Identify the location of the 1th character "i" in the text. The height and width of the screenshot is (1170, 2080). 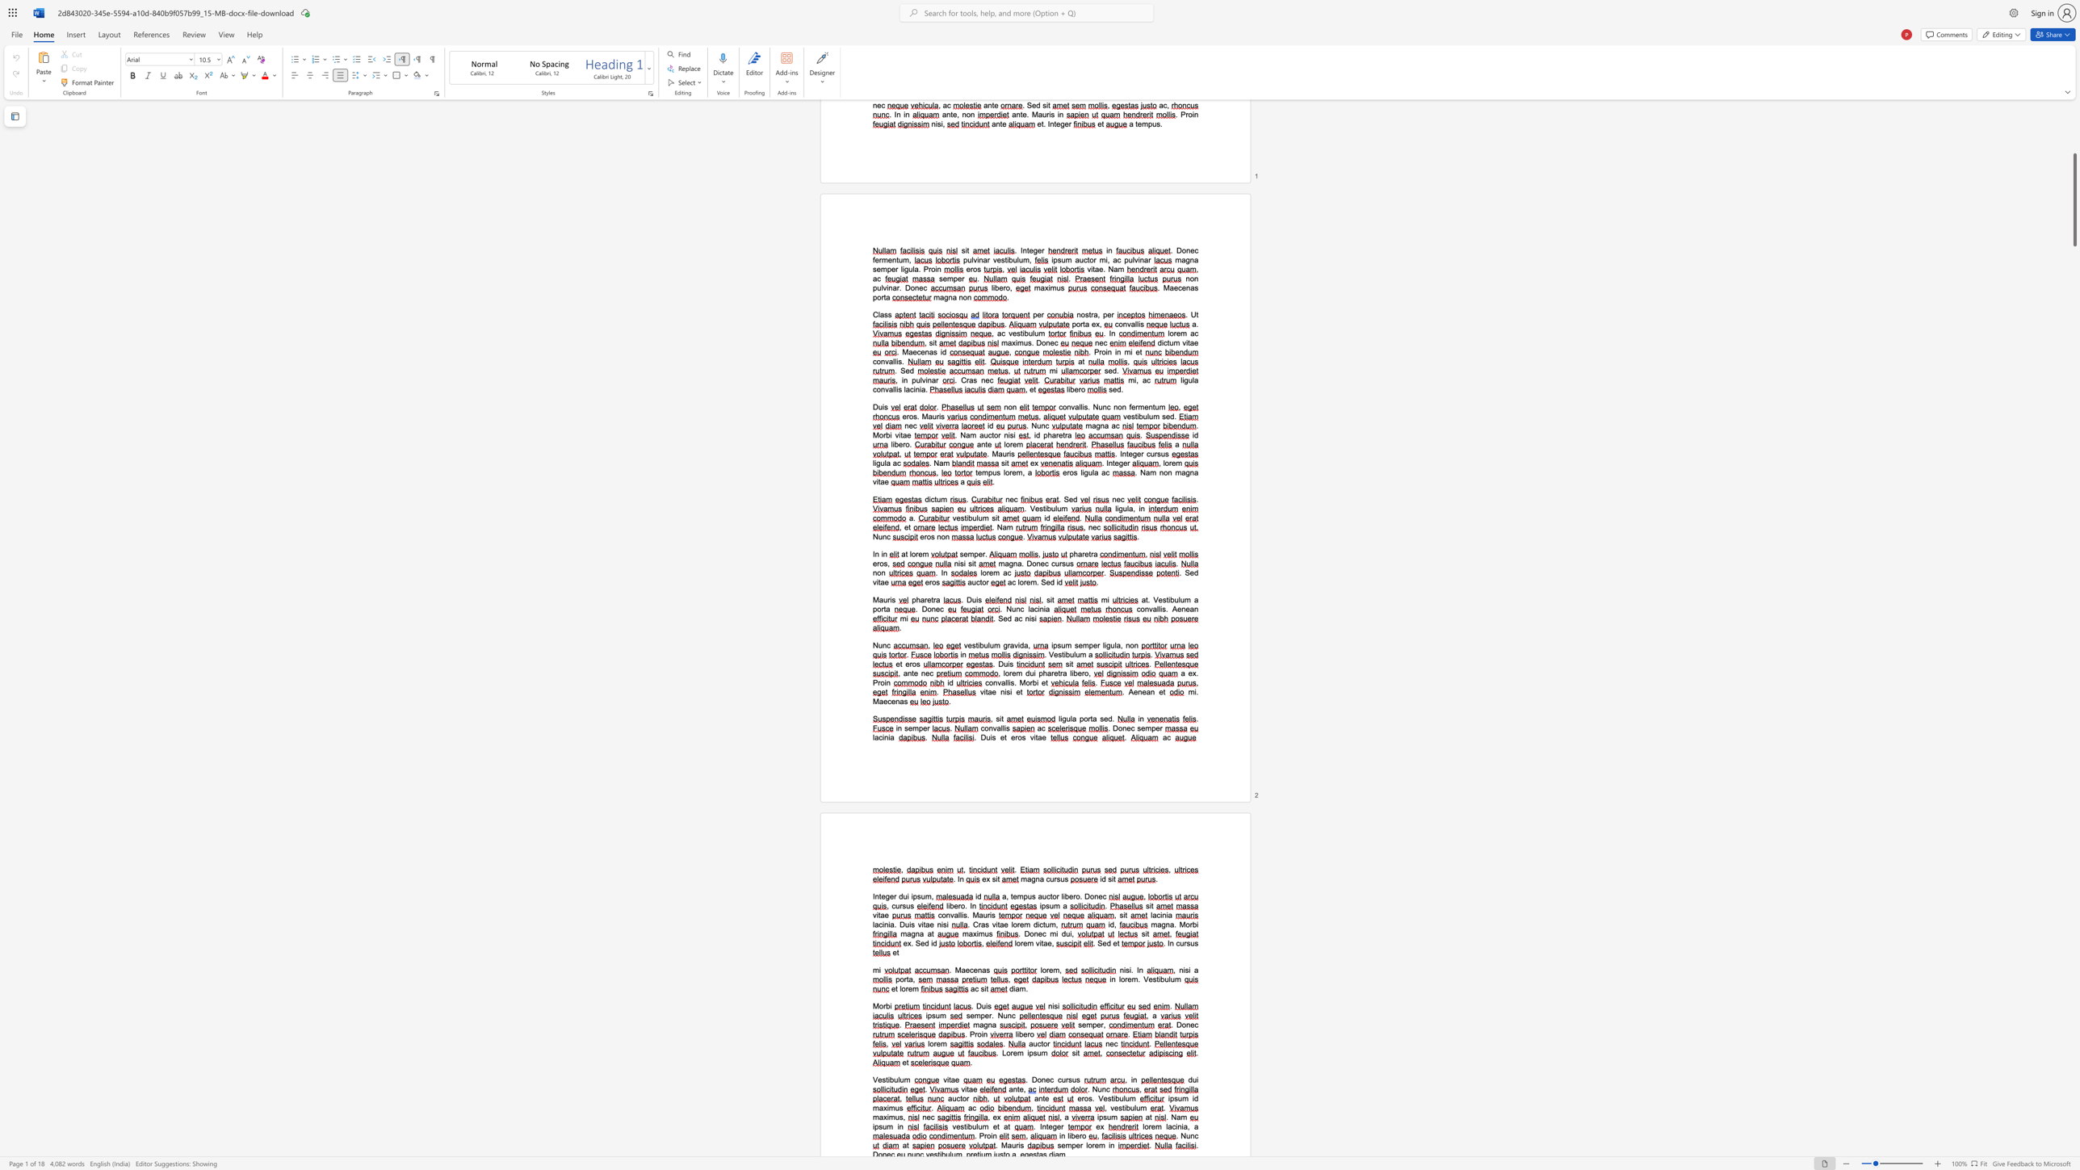
(1195, 692).